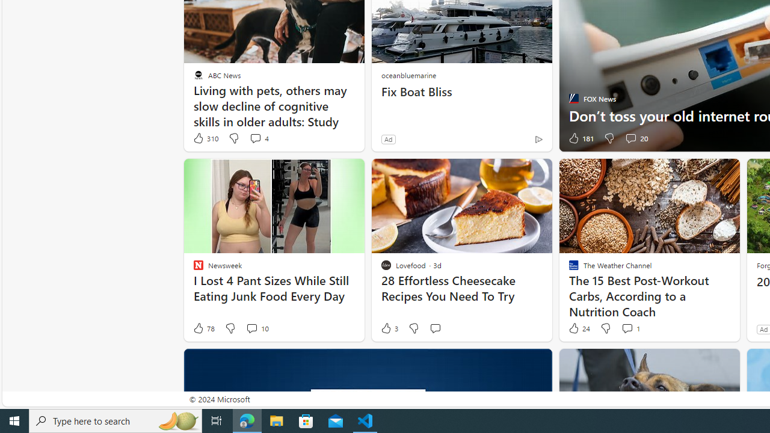  I want to click on 'Fix Boat Bliss', so click(461, 91).